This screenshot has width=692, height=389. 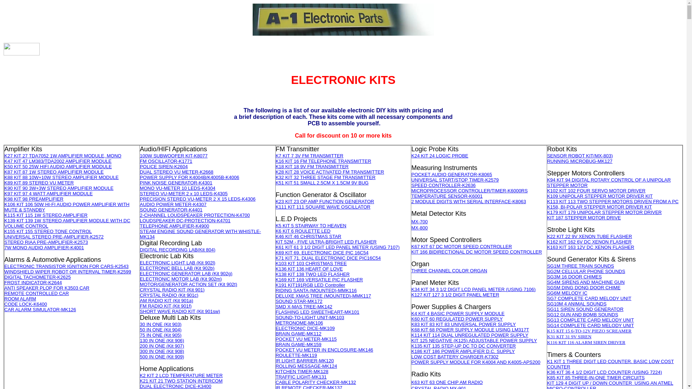 What do you see at coordinates (305, 328) in the screenshot?
I see `'ELECTRONIC DICE-MK109'` at bounding box center [305, 328].